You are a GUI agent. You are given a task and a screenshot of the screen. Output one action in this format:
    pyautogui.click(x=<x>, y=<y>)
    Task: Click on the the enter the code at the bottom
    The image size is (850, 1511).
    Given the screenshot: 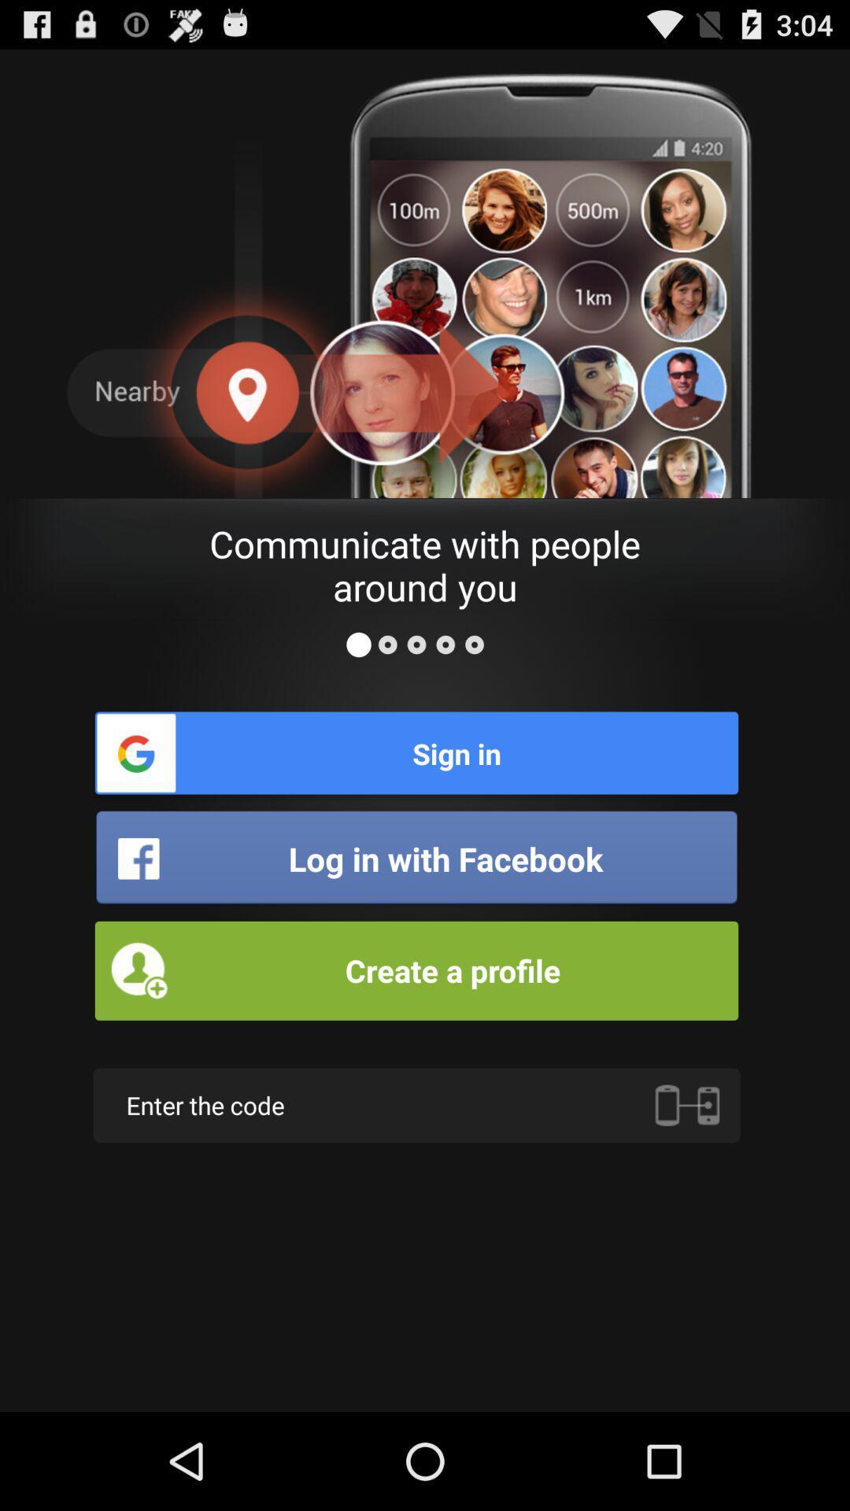 What is the action you would take?
    pyautogui.click(x=416, y=1104)
    